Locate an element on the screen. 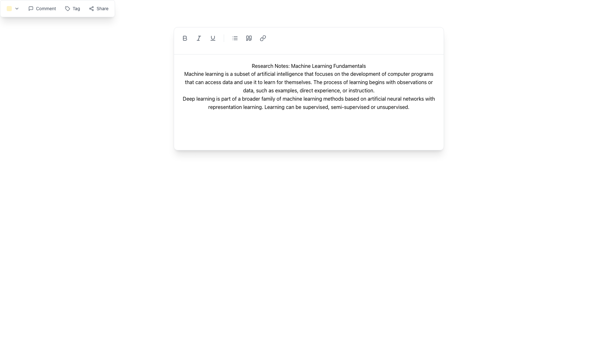 This screenshot has height=344, width=612. the underline formatting icon in the menu bar, which is represented as the top component of the SVG icon for formatting tools is located at coordinates (213, 38).